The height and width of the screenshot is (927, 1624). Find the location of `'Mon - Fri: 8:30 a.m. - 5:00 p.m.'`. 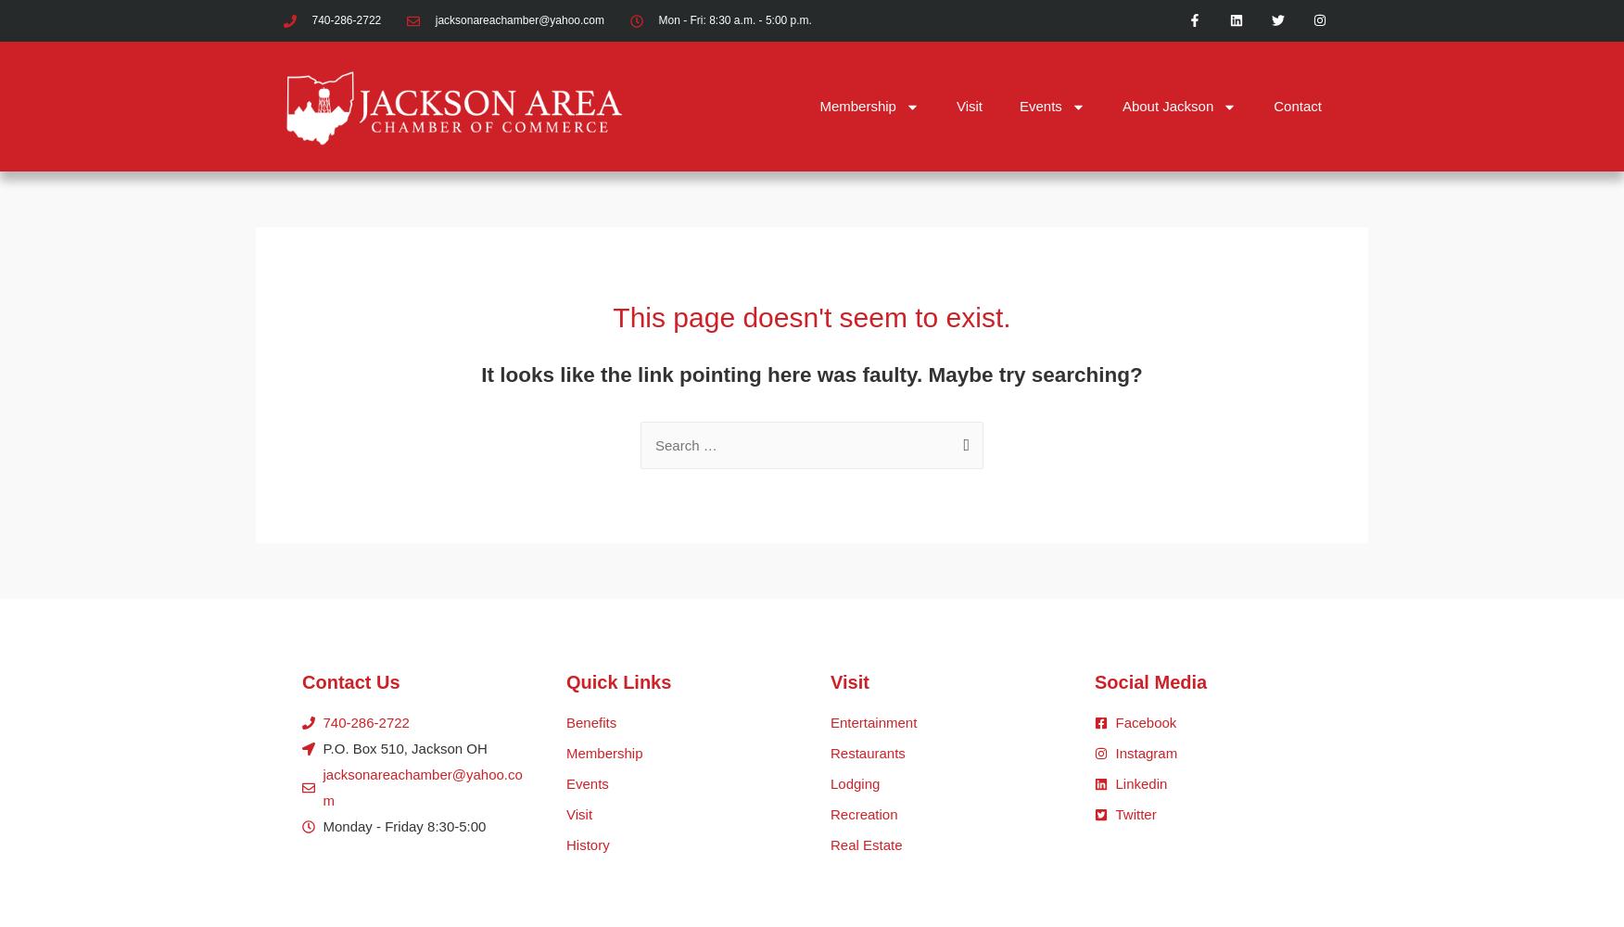

'Mon - Fri: 8:30 a.m. - 5:00 p.m.' is located at coordinates (734, 20).